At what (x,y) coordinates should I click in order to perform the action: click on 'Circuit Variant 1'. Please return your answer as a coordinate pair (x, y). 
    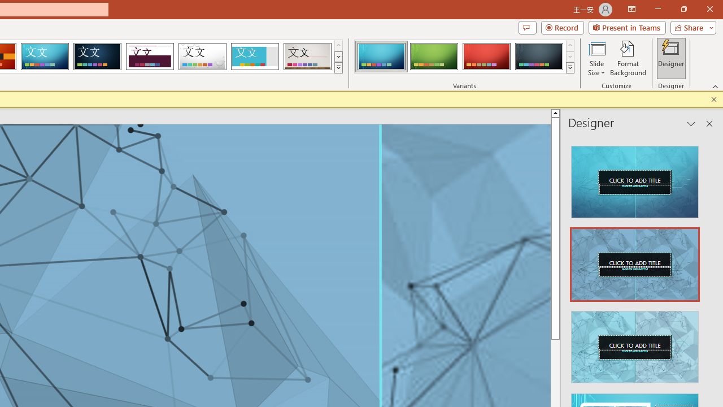
    Looking at the image, I should click on (381, 57).